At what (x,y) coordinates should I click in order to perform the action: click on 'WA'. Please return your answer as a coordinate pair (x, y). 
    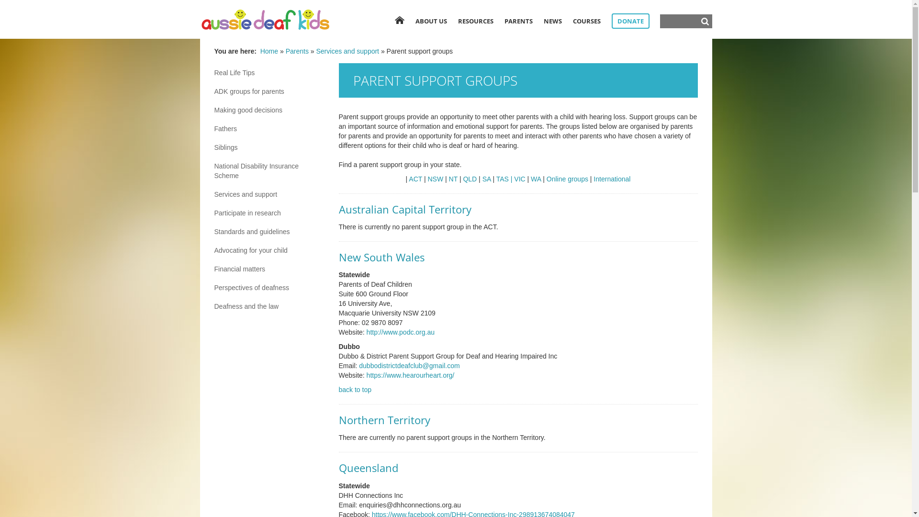
    Looking at the image, I should click on (530, 179).